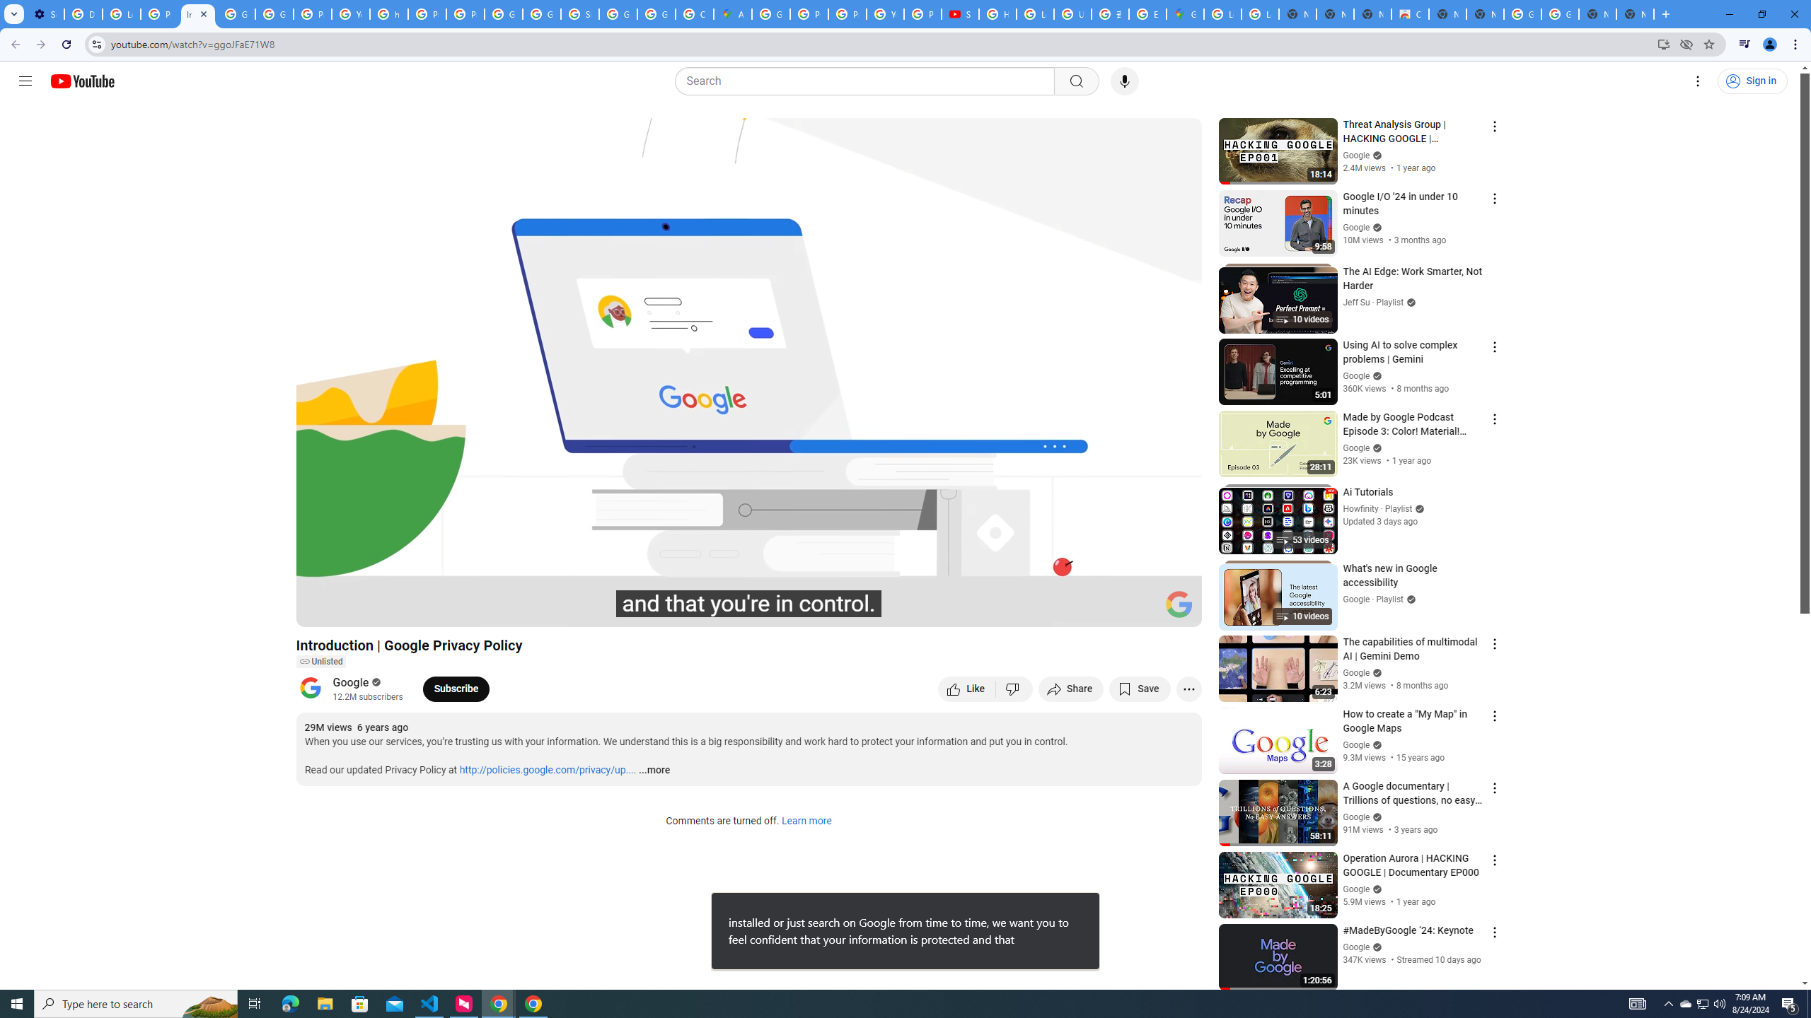  Describe the element at coordinates (1014, 688) in the screenshot. I see `'Dislike this video'` at that location.